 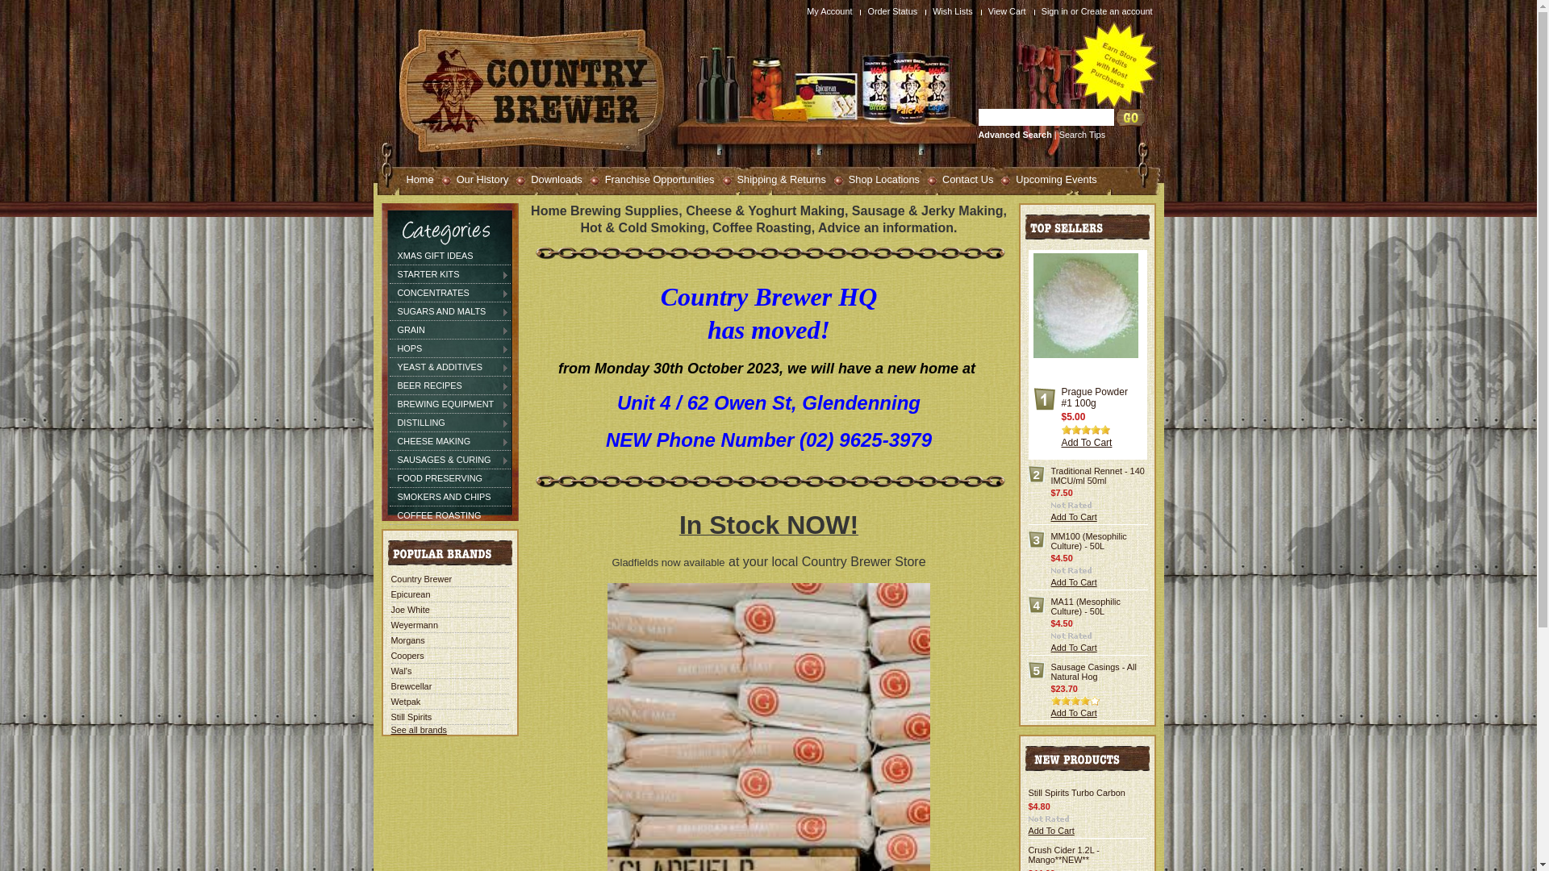 What do you see at coordinates (405, 701) in the screenshot?
I see `'Wetpak'` at bounding box center [405, 701].